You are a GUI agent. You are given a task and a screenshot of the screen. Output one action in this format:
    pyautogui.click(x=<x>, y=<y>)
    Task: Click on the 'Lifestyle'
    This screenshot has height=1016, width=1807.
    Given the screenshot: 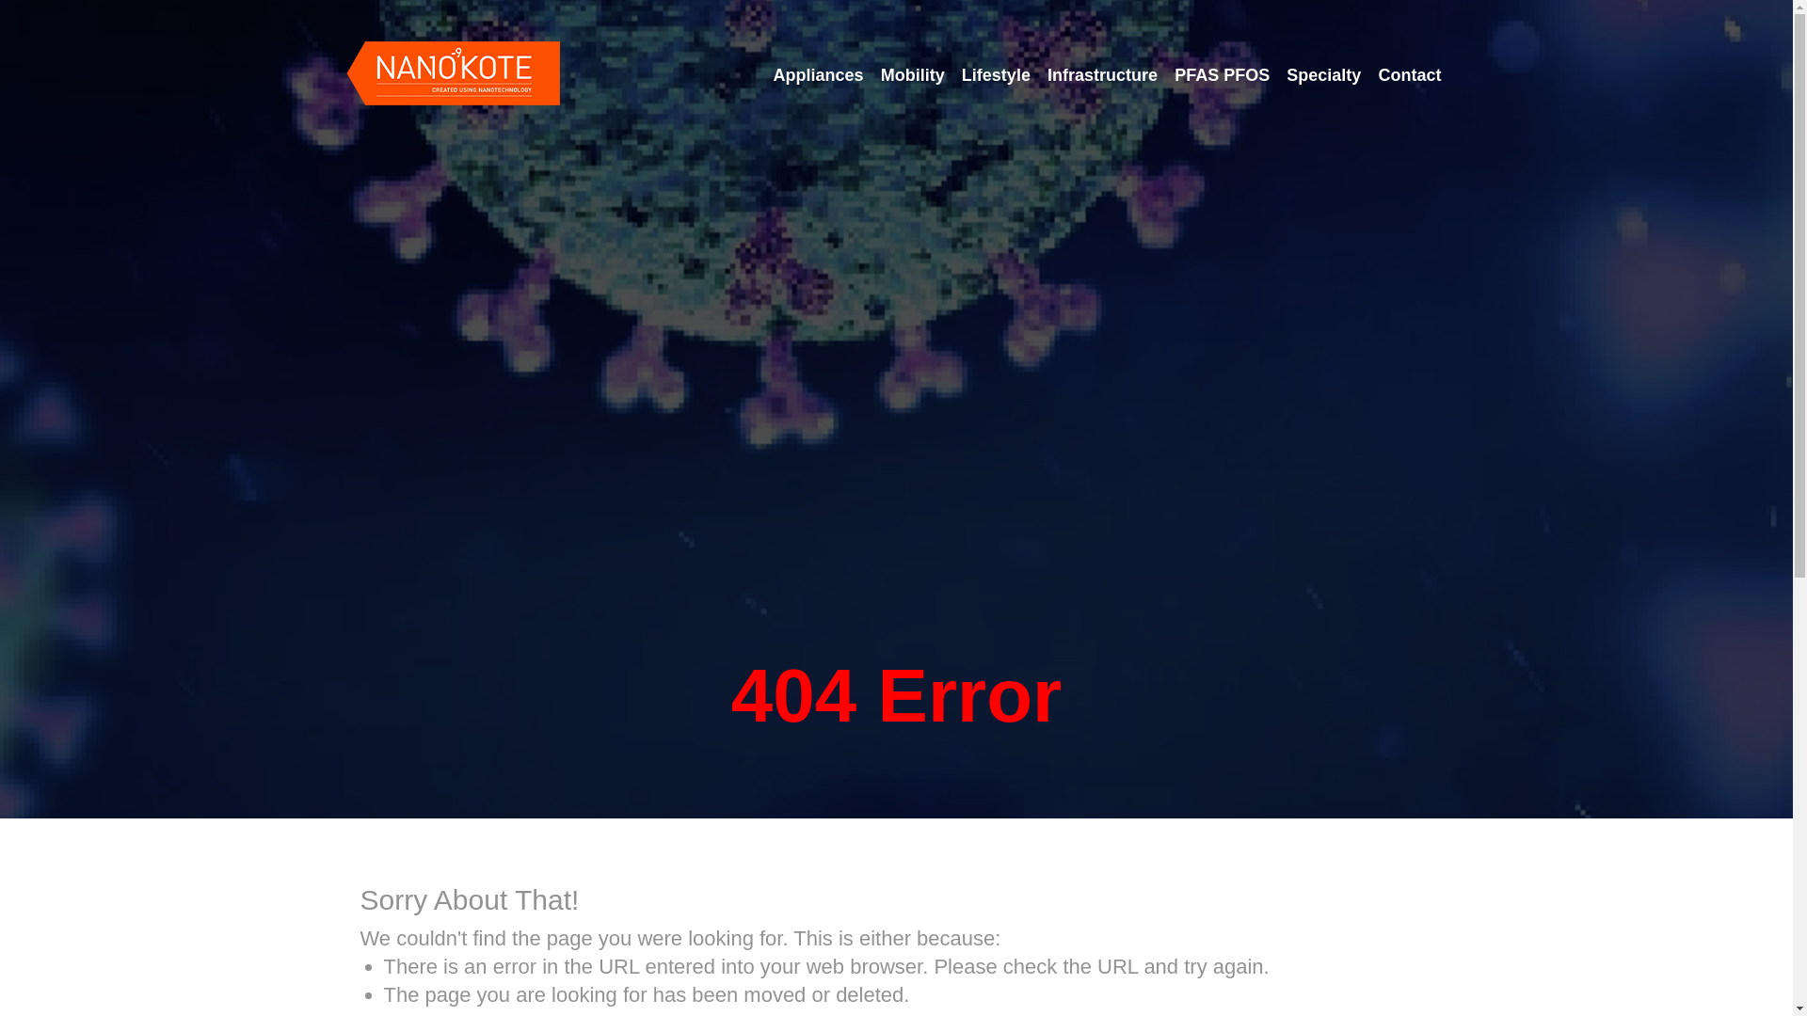 What is the action you would take?
    pyautogui.click(x=995, y=74)
    